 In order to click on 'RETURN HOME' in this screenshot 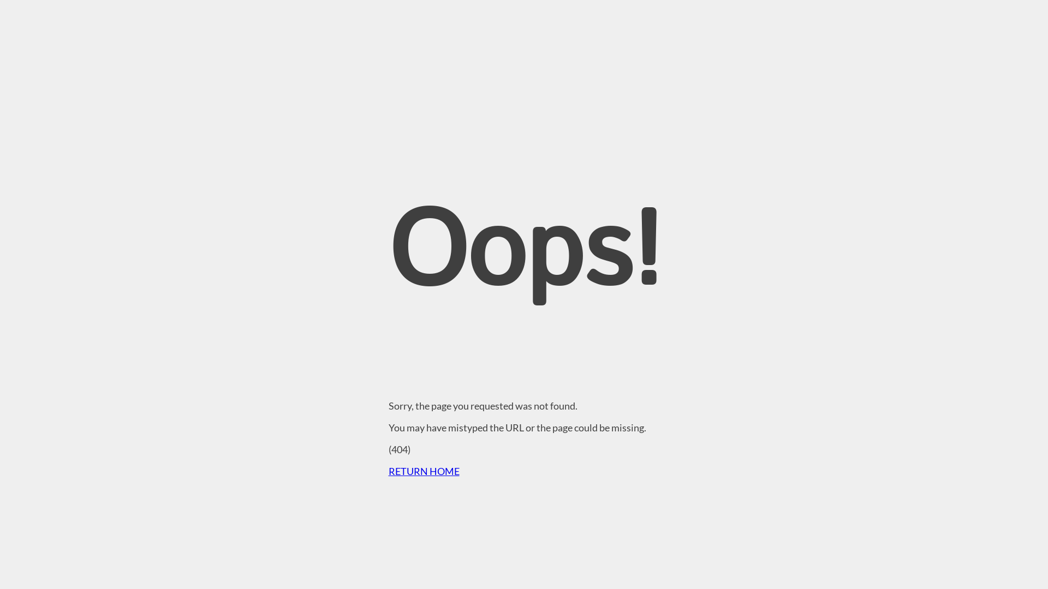, I will do `click(424, 471)`.